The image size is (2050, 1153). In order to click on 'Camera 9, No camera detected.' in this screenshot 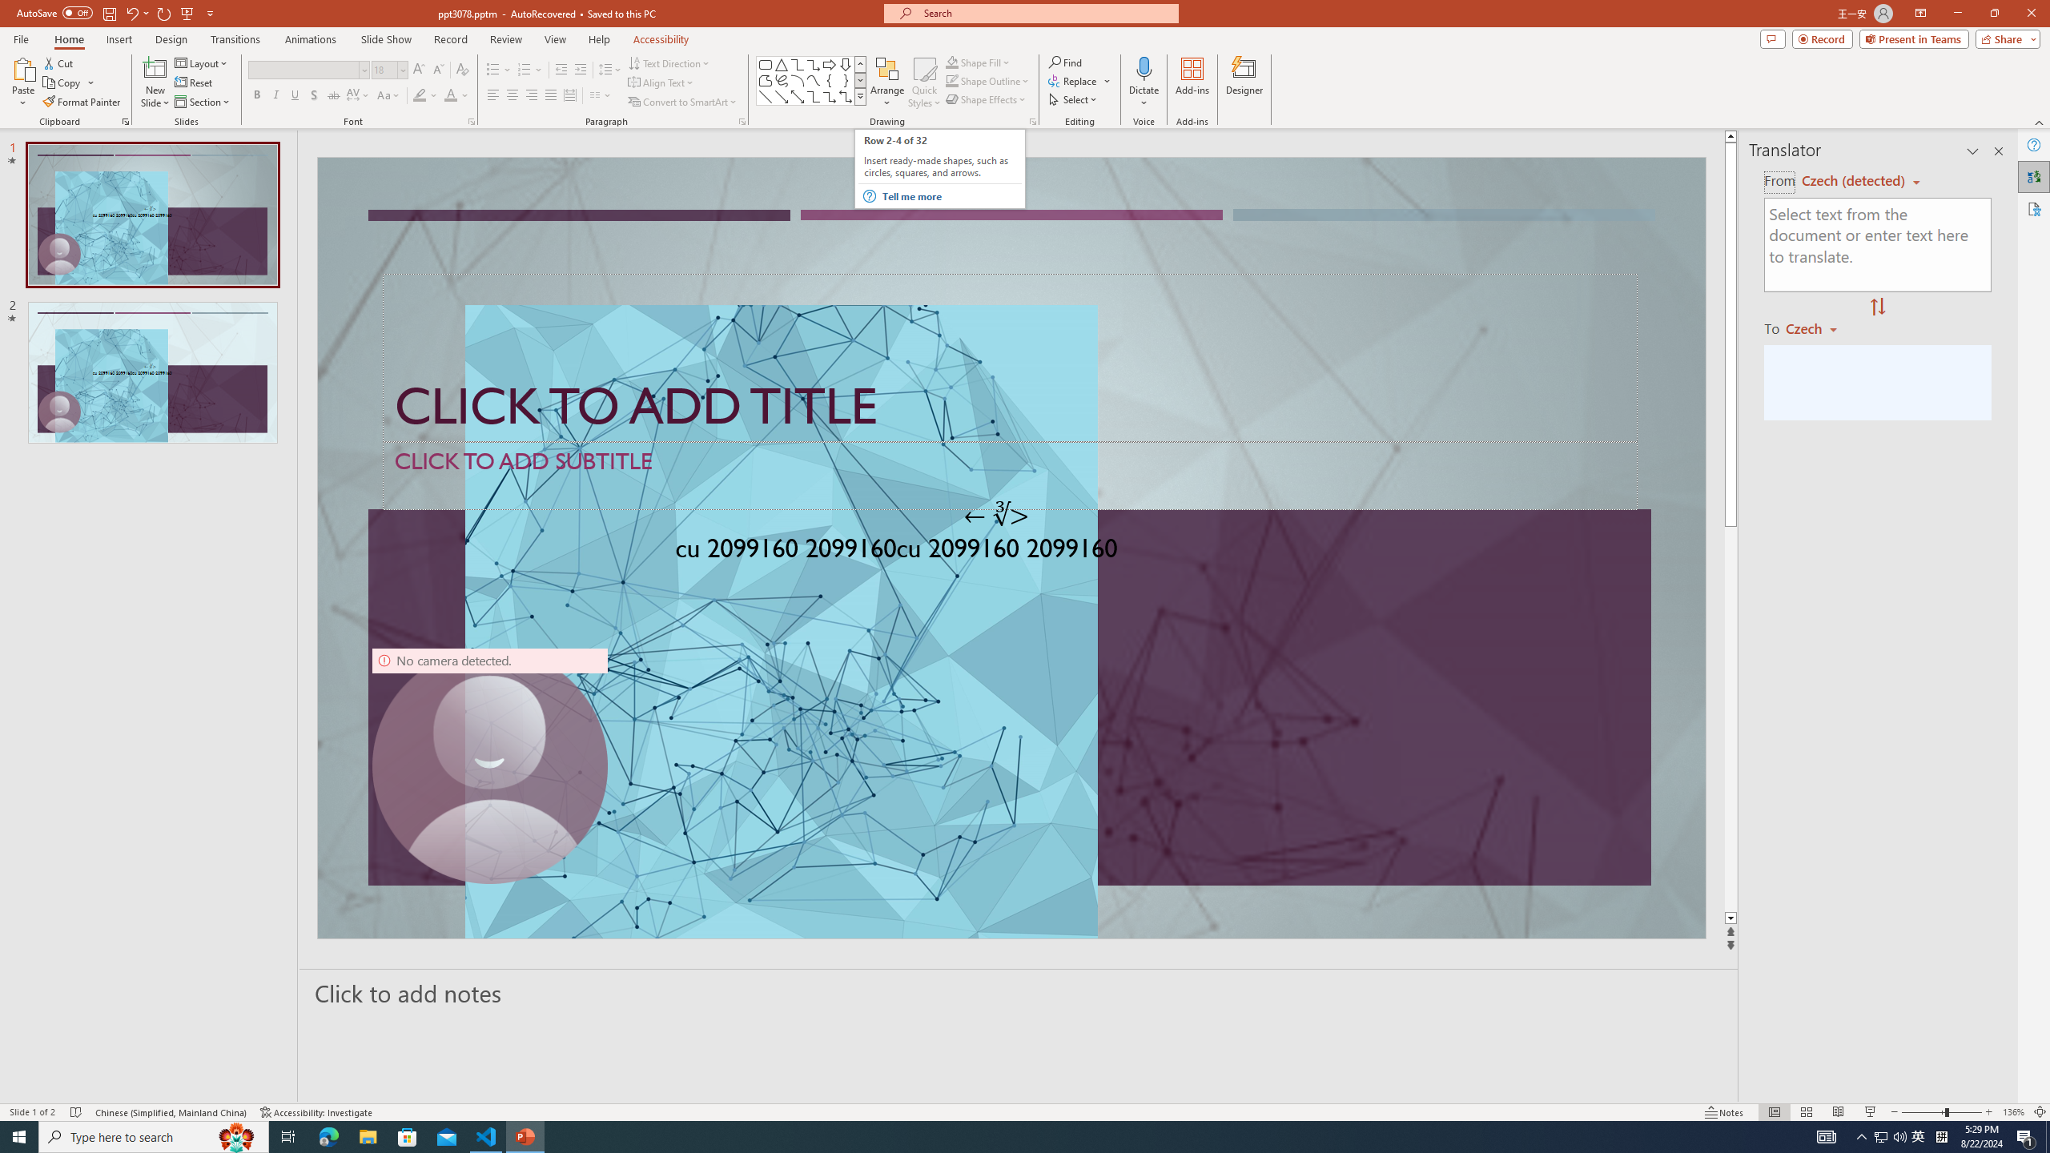, I will do `click(489, 765)`.